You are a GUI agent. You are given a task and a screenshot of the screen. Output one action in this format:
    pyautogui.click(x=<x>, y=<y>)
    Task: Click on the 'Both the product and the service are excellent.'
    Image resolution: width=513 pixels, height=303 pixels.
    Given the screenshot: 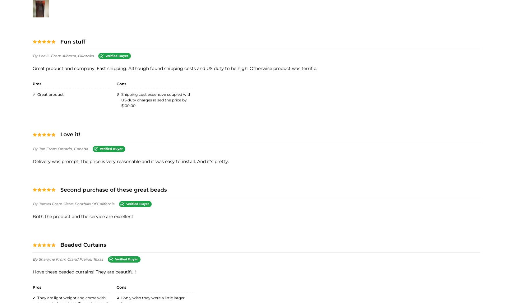 What is the action you would take?
    pyautogui.click(x=32, y=217)
    